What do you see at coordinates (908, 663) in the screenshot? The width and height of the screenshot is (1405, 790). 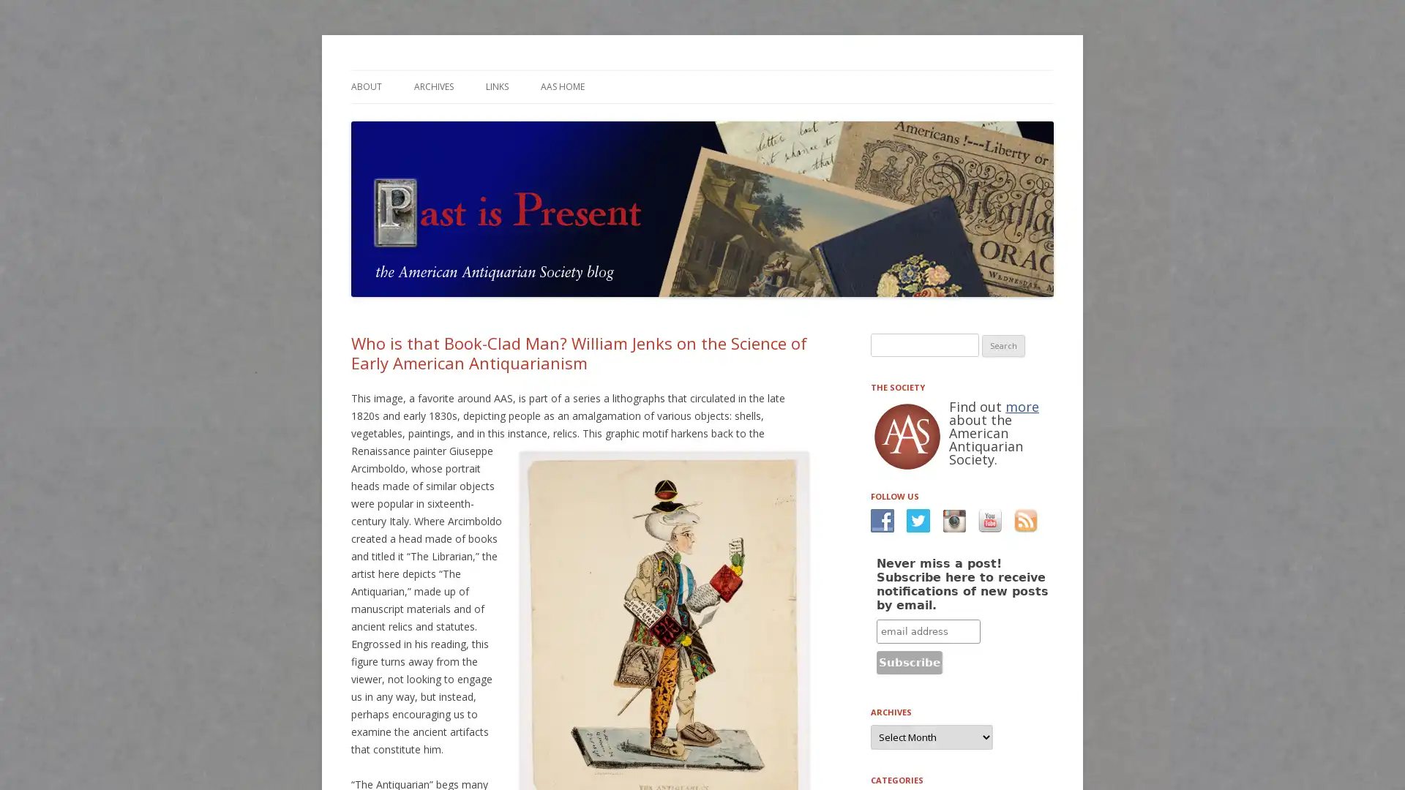 I see `Subscribe` at bounding box center [908, 663].